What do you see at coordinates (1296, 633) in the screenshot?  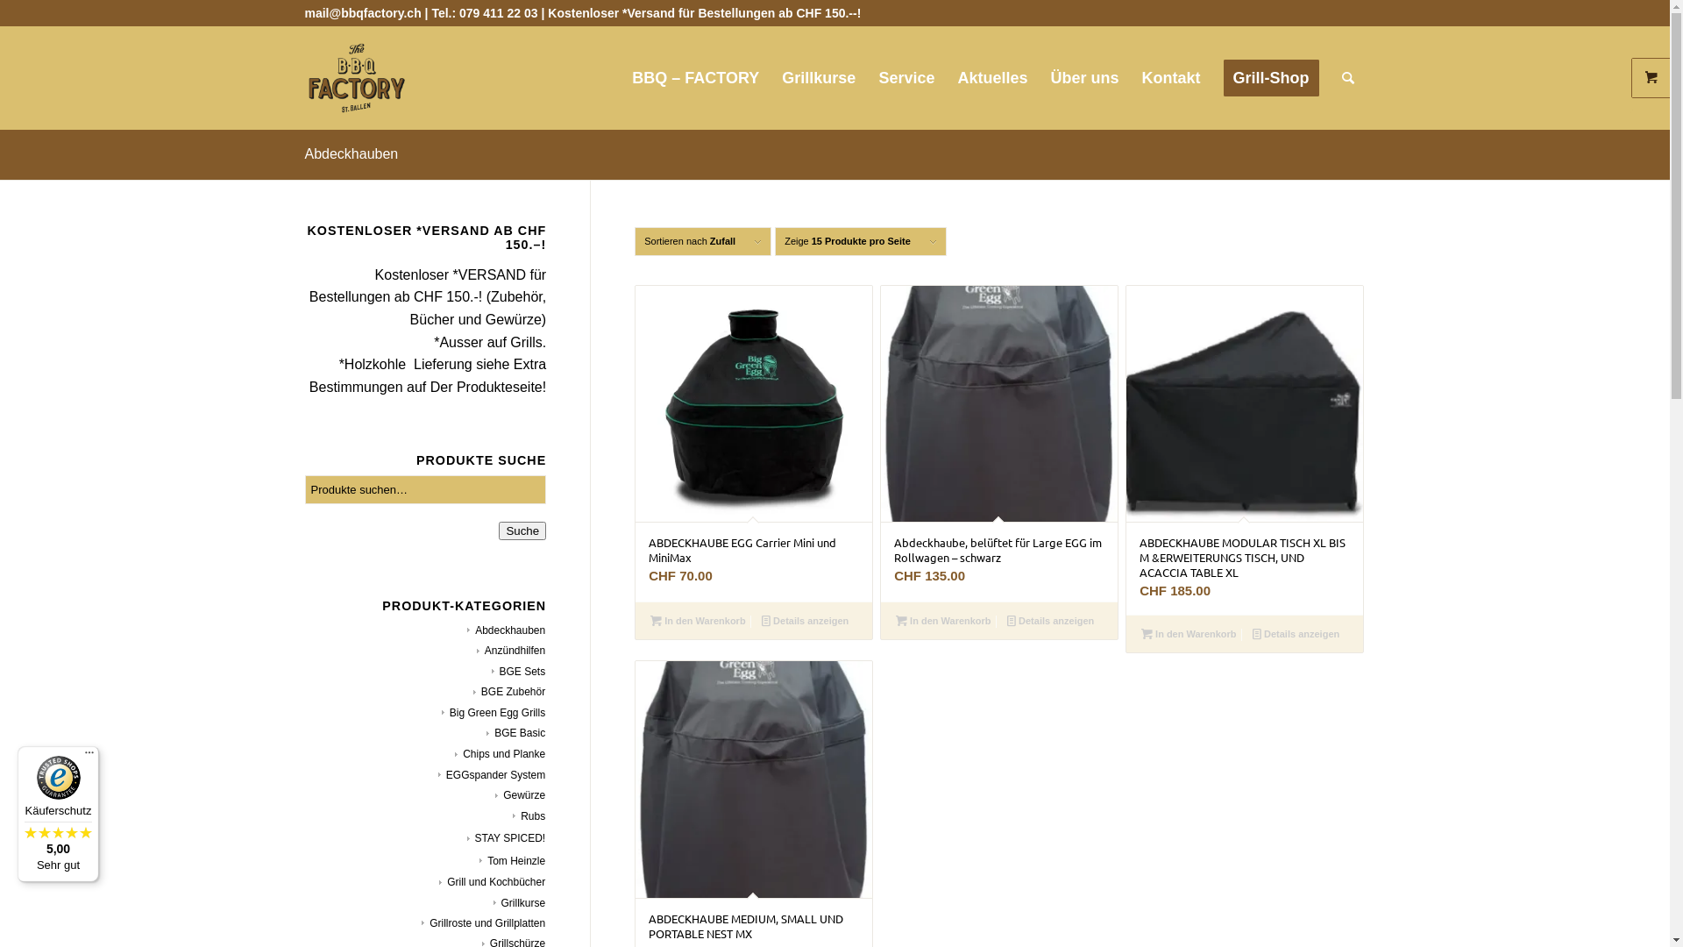 I see `'Details anzeigen'` at bounding box center [1296, 633].